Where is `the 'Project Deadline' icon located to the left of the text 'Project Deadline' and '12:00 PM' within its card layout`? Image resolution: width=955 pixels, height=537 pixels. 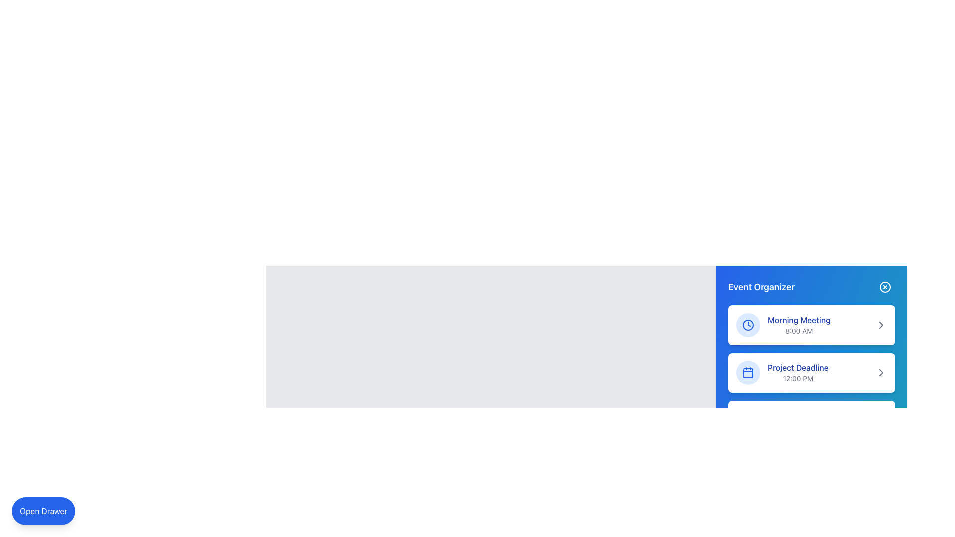
the 'Project Deadline' icon located to the left of the text 'Project Deadline' and '12:00 PM' within its card layout is located at coordinates (748, 372).